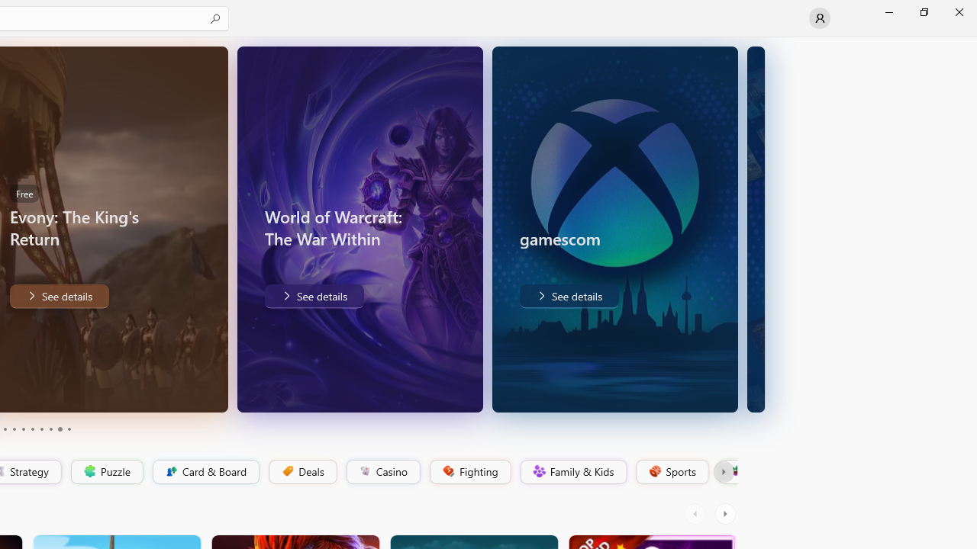 This screenshot has width=977, height=549. What do you see at coordinates (23, 429) in the screenshot?
I see `'Page 5'` at bounding box center [23, 429].